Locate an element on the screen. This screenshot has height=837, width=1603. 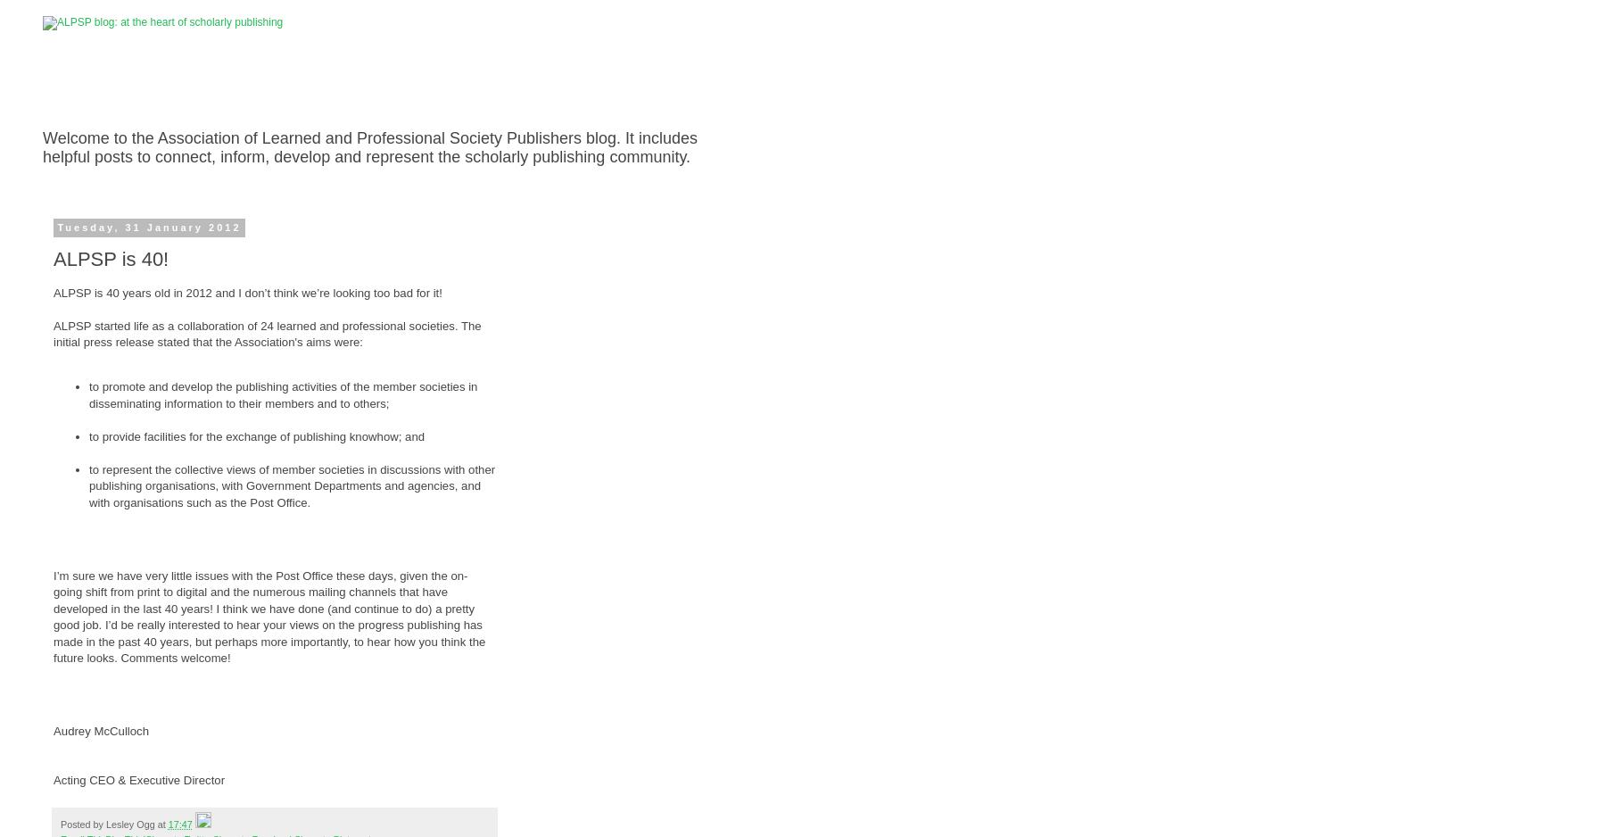
'to represent the collective views of member societies in discussions with other publishing organisations, with Government Departments and agencies, and with organisations such as the Post Office.' is located at coordinates (292, 485).